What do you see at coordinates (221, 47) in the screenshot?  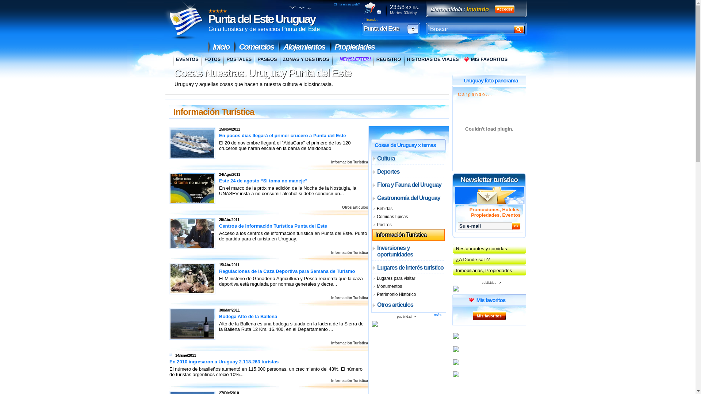 I see `'Inicio'` at bounding box center [221, 47].